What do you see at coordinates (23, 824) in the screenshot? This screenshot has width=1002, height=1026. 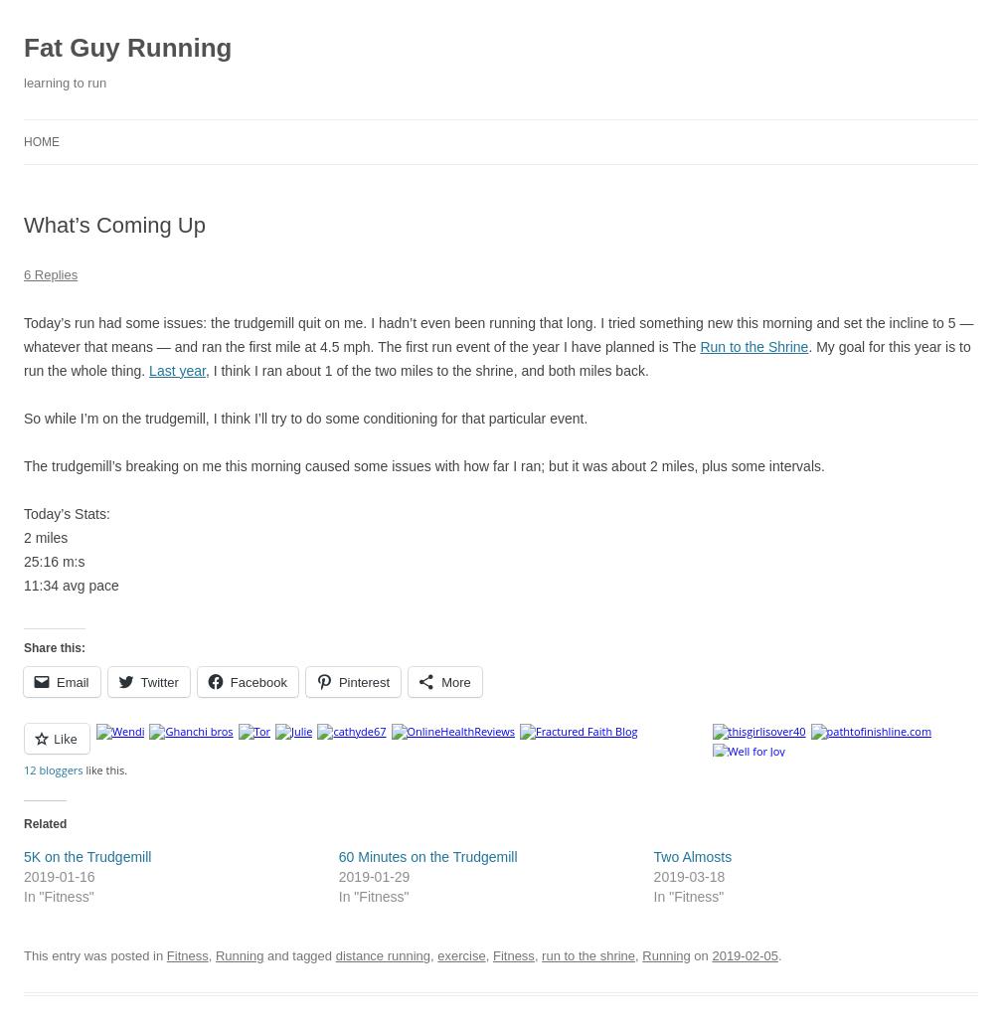 I see `'Related'` at bounding box center [23, 824].